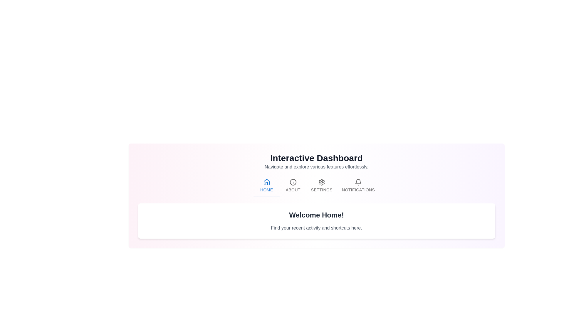 This screenshot has width=564, height=317. What do you see at coordinates (266, 182) in the screenshot?
I see `the house-shaped icon in the 'HOME' section of the navigation bar located below the title 'Interactive Dashboard'` at bounding box center [266, 182].